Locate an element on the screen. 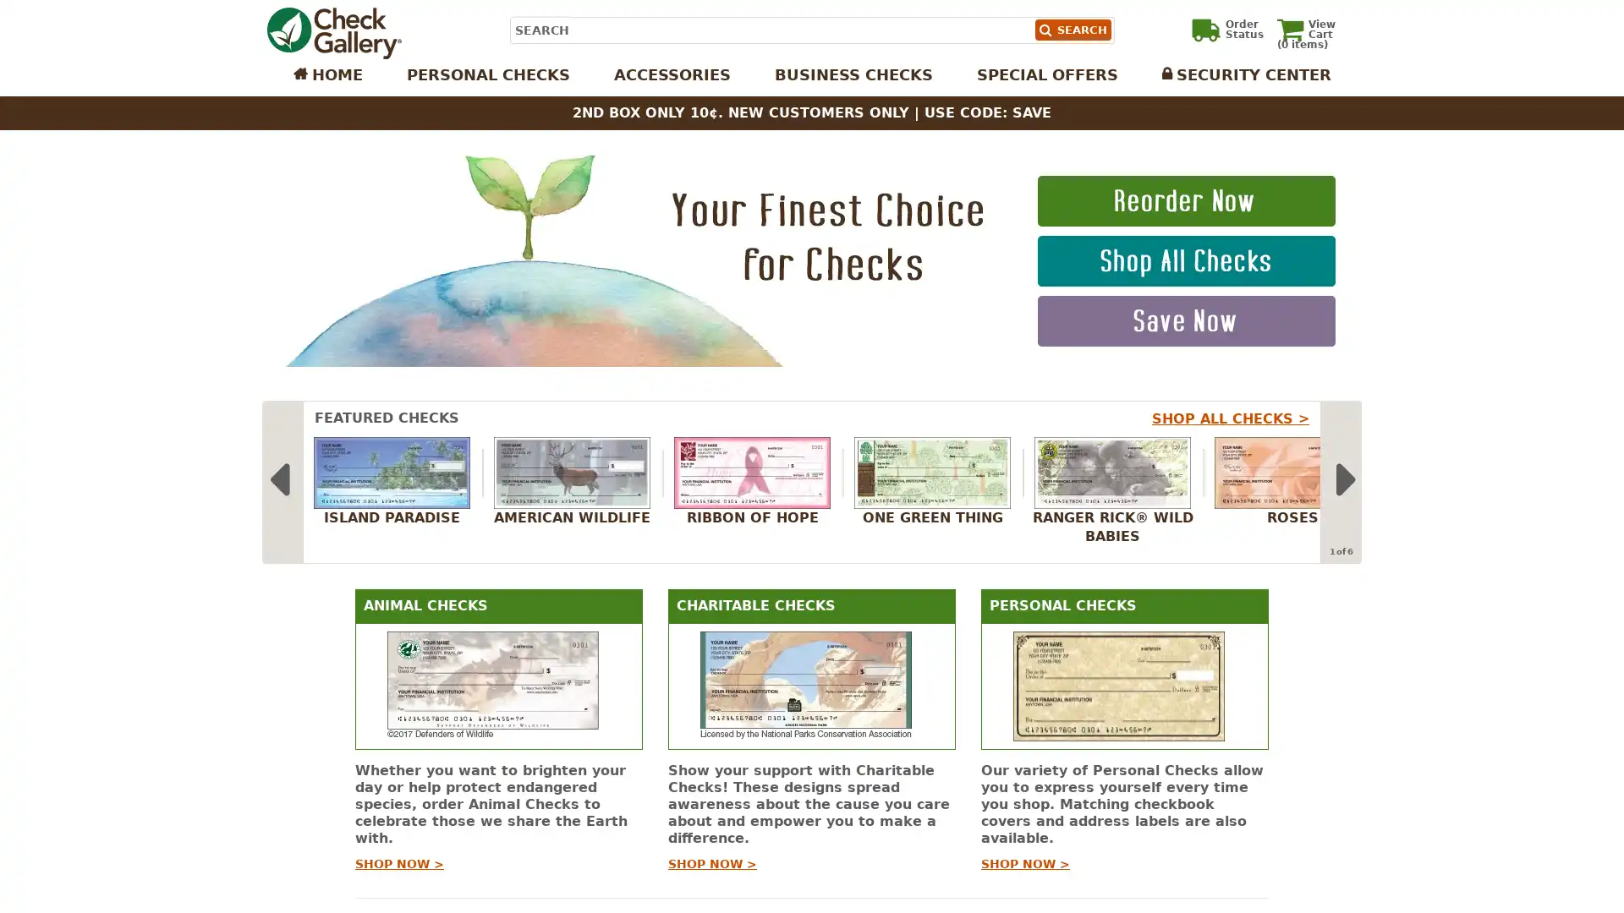 This screenshot has width=1624, height=913. Next is located at coordinates (1344, 481).